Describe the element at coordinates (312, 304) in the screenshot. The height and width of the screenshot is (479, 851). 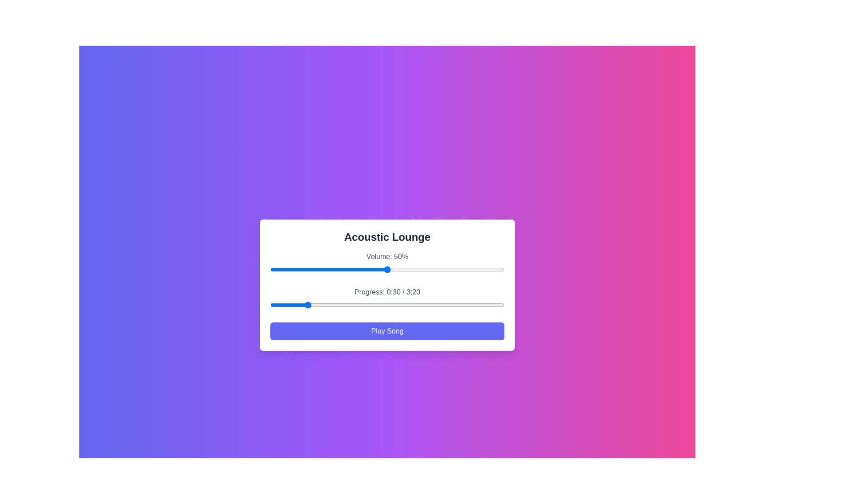
I see `the song progress to 36 seconds` at that location.